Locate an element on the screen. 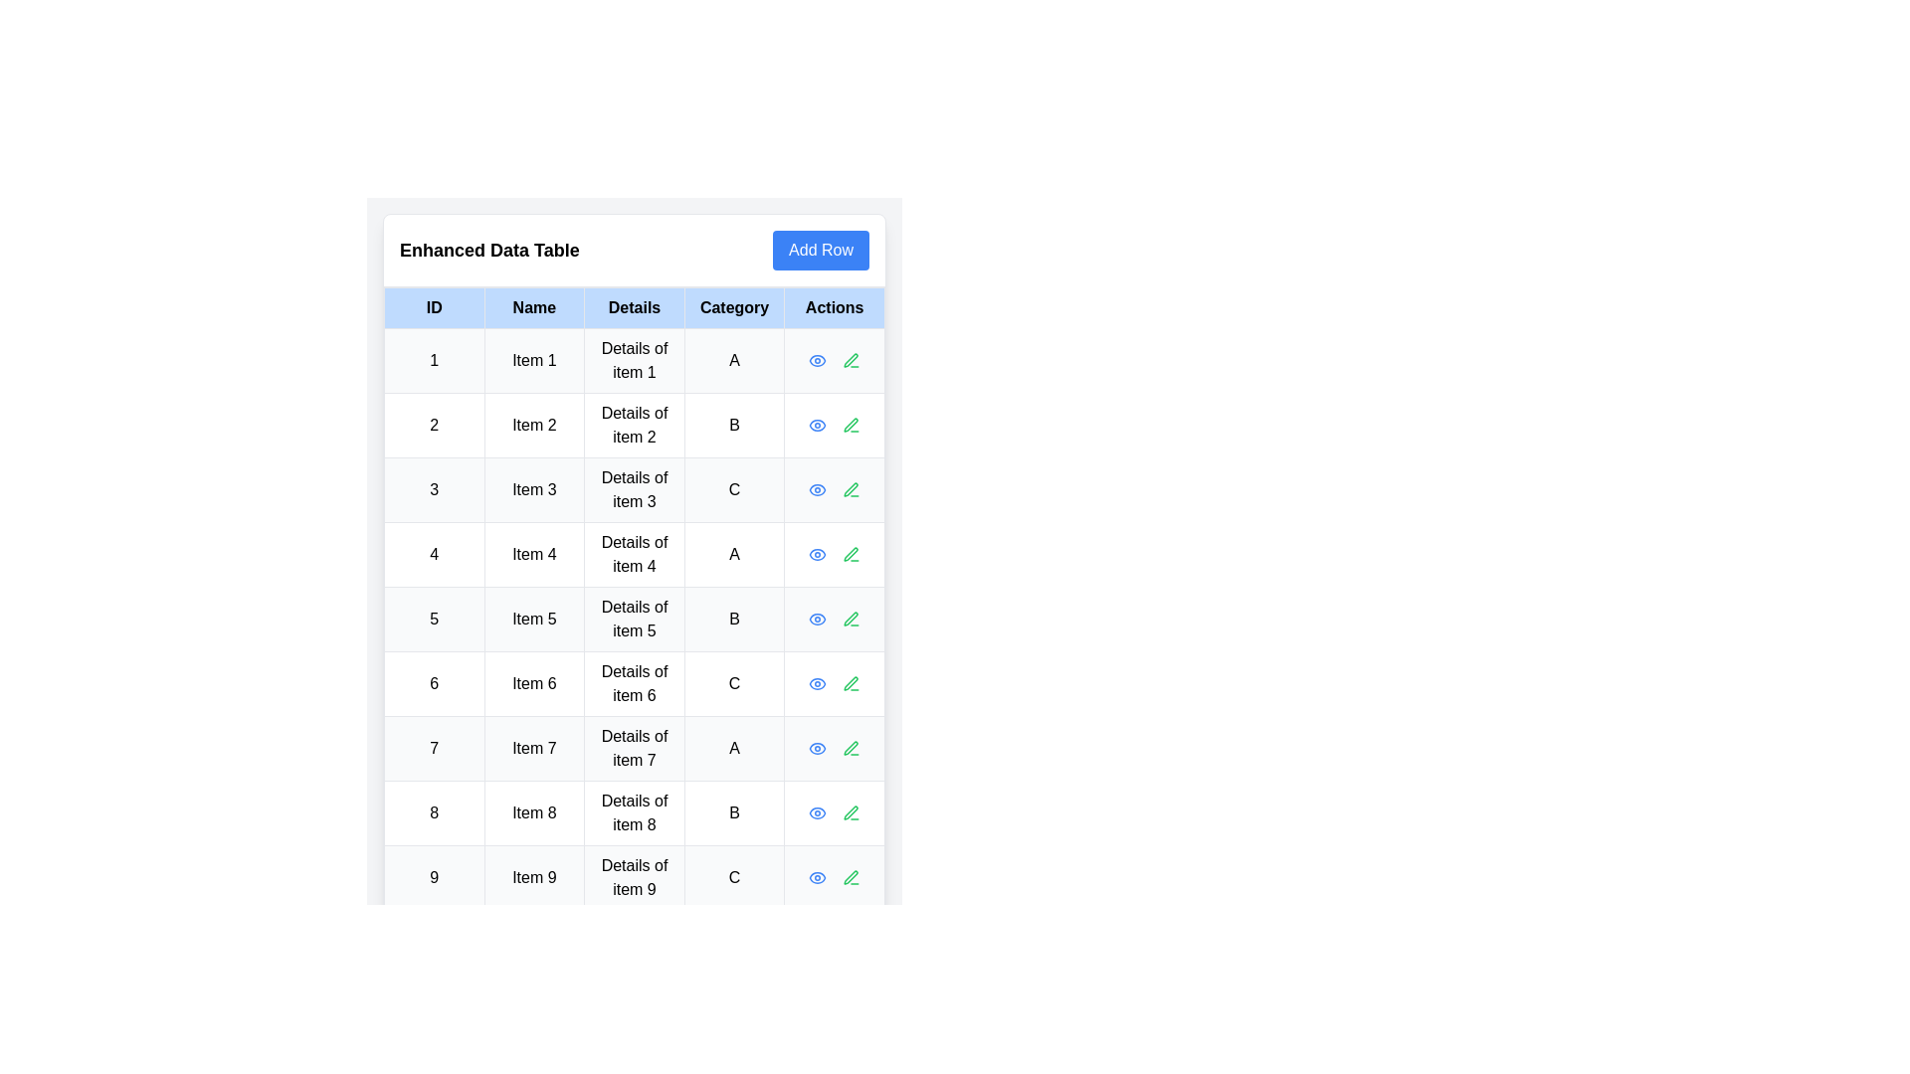 Image resolution: width=1910 pixels, height=1074 pixels. the eye-shaped icon button in the fifth row of the table under the 'Actions' column is located at coordinates (818, 619).